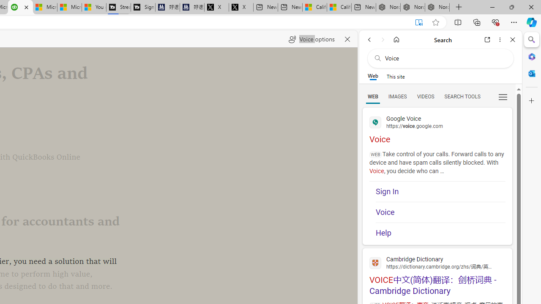 The image size is (541, 304). Describe the element at coordinates (396, 39) in the screenshot. I see `'Home'` at that location.